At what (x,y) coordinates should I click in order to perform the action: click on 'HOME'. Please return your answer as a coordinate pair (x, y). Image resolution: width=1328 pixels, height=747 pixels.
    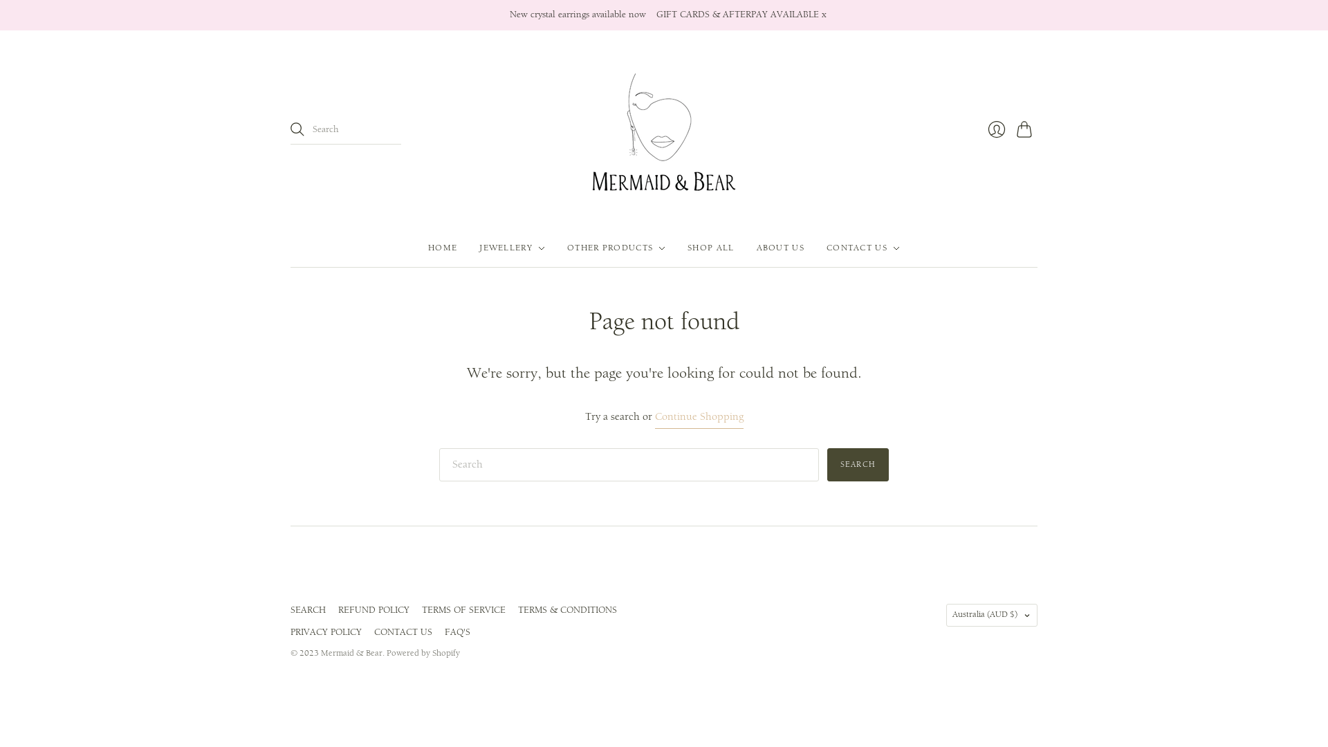
    Looking at the image, I should click on (441, 247).